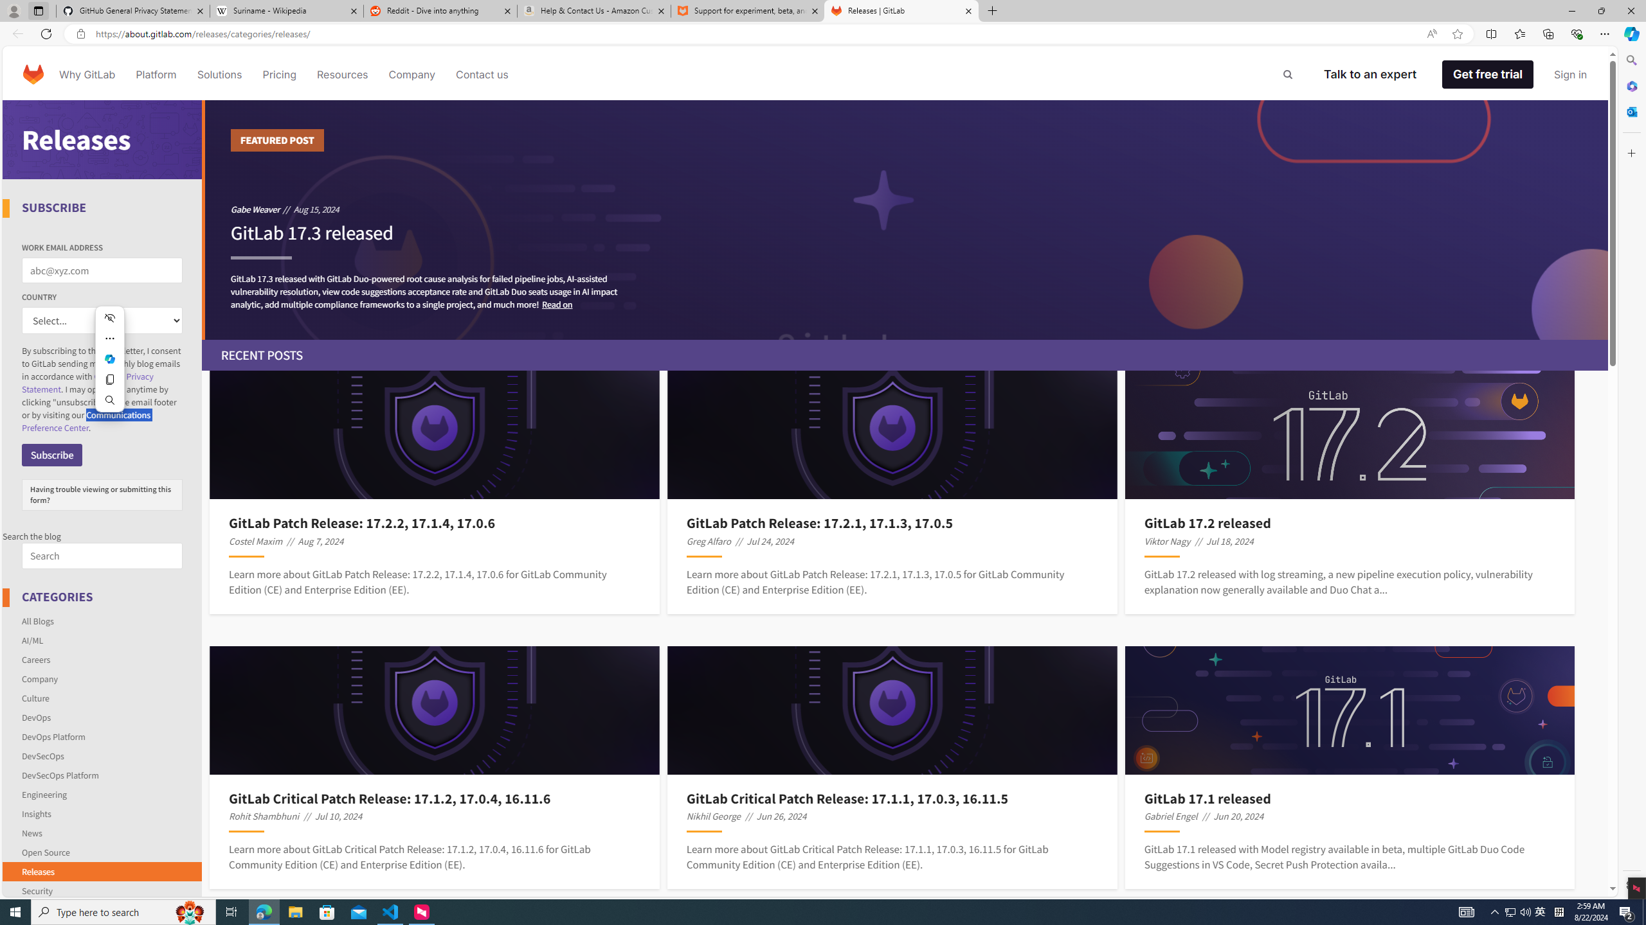 This screenshot has width=1646, height=925. Describe the element at coordinates (482, 73) in the screenshot. I see `'Contact us'` at that location.